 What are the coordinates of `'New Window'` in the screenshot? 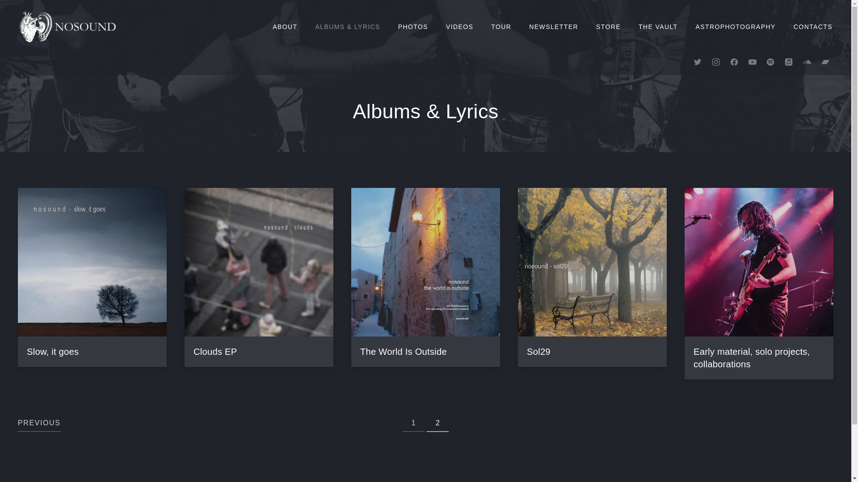 It's located at (770, 61).